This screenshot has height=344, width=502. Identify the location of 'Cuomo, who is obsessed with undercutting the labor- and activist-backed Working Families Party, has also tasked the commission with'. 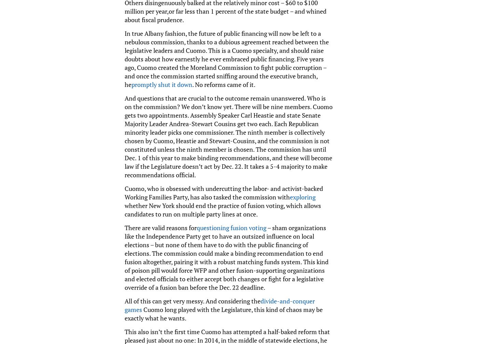
(223, 192).